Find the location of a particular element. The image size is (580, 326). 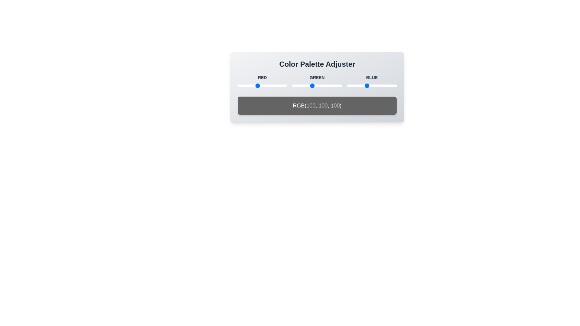

the green color value to 89 by adjusting the slider is located at coordinates (310, 86).